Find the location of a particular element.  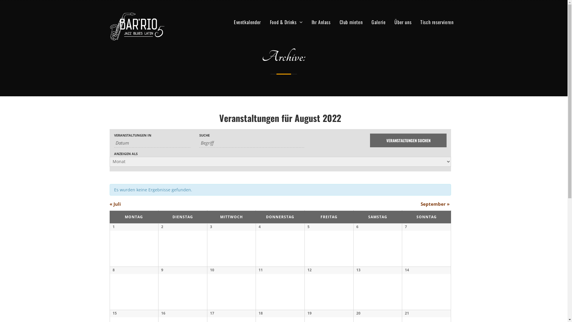

'Eventkalender' is located at coordinates (247, 21).